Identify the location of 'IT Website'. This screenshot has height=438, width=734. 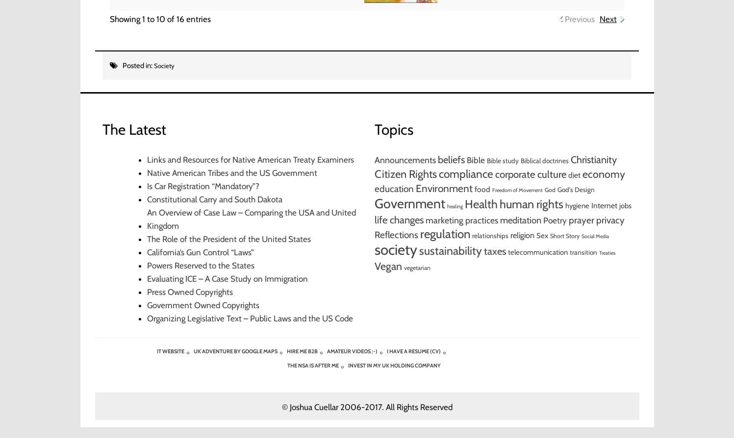
(170, 350).